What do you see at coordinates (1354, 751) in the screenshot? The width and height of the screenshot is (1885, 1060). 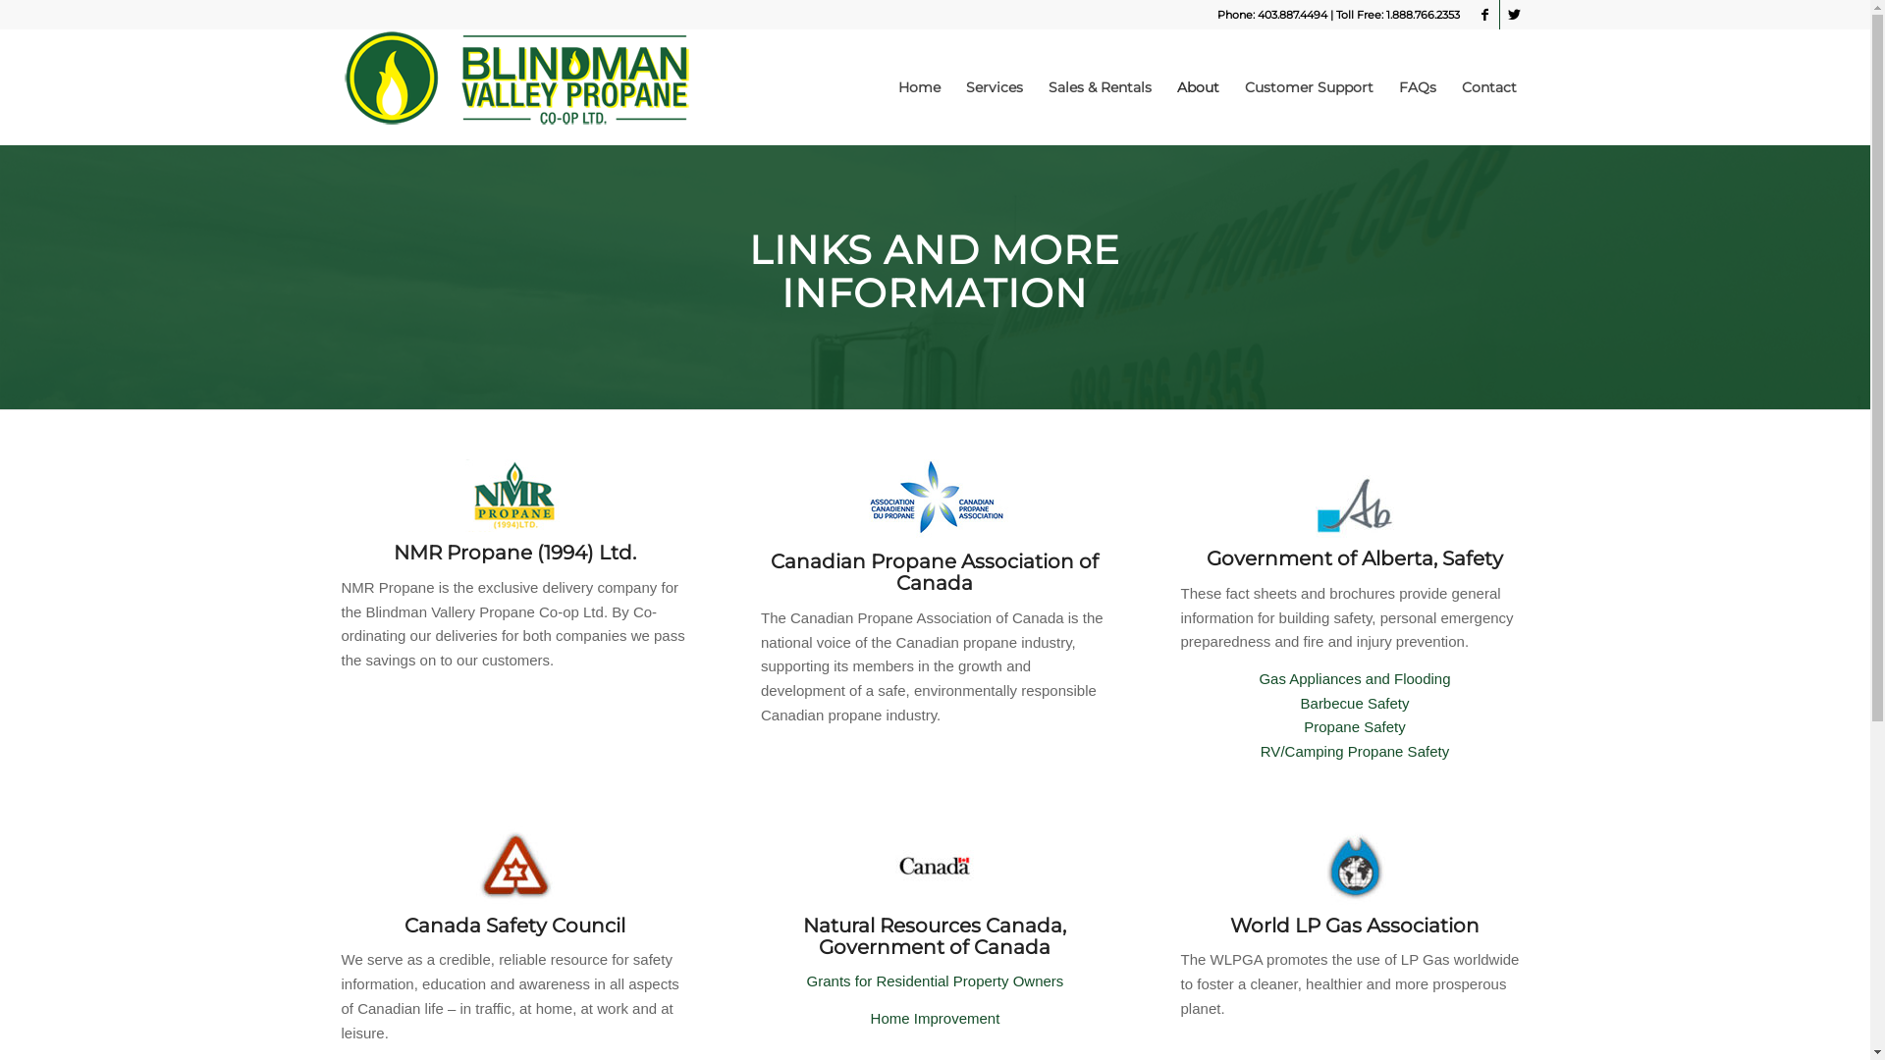 I see `'RV/Camping Propane Safety'` at bounding box center [1354, 751].